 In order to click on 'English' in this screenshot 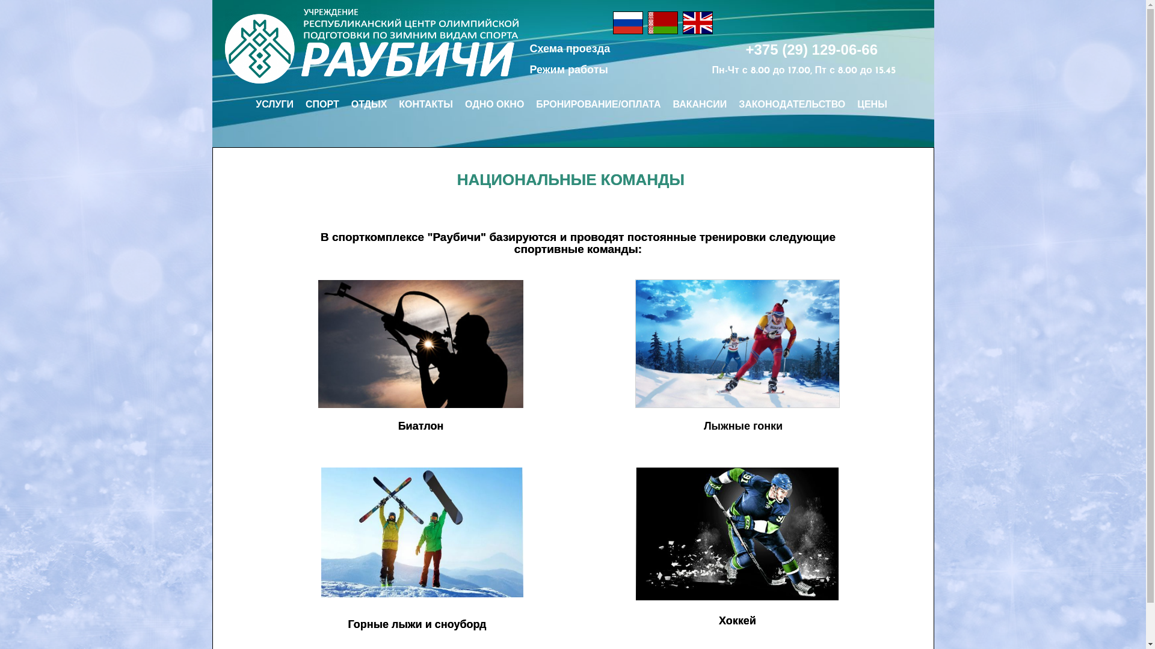, I will do `click(698, 23)`.